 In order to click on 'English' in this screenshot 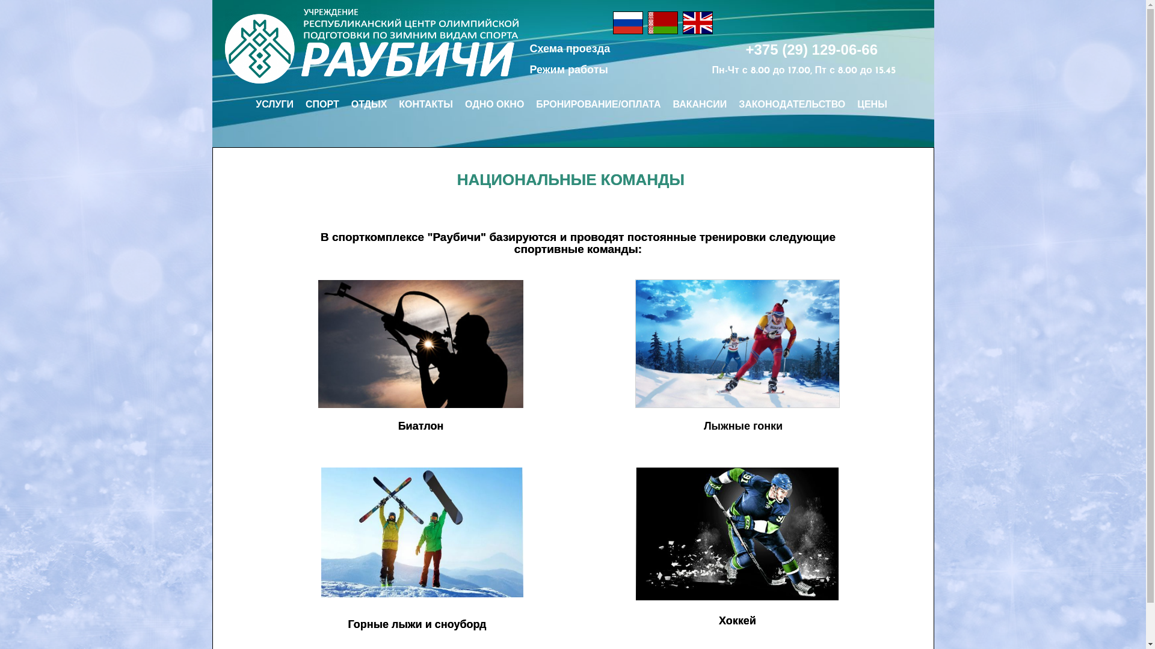, I will do `click(698, 23)`.